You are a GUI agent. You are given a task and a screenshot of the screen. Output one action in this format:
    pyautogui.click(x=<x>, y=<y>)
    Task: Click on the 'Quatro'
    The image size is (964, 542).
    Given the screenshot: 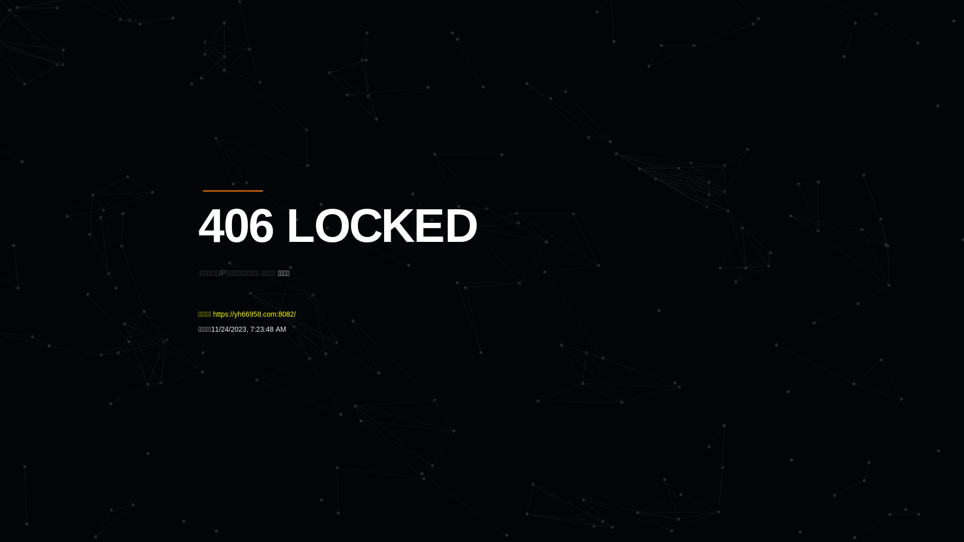 What is the action you would take?
    pyautogui.click(x=272, y=57)
    